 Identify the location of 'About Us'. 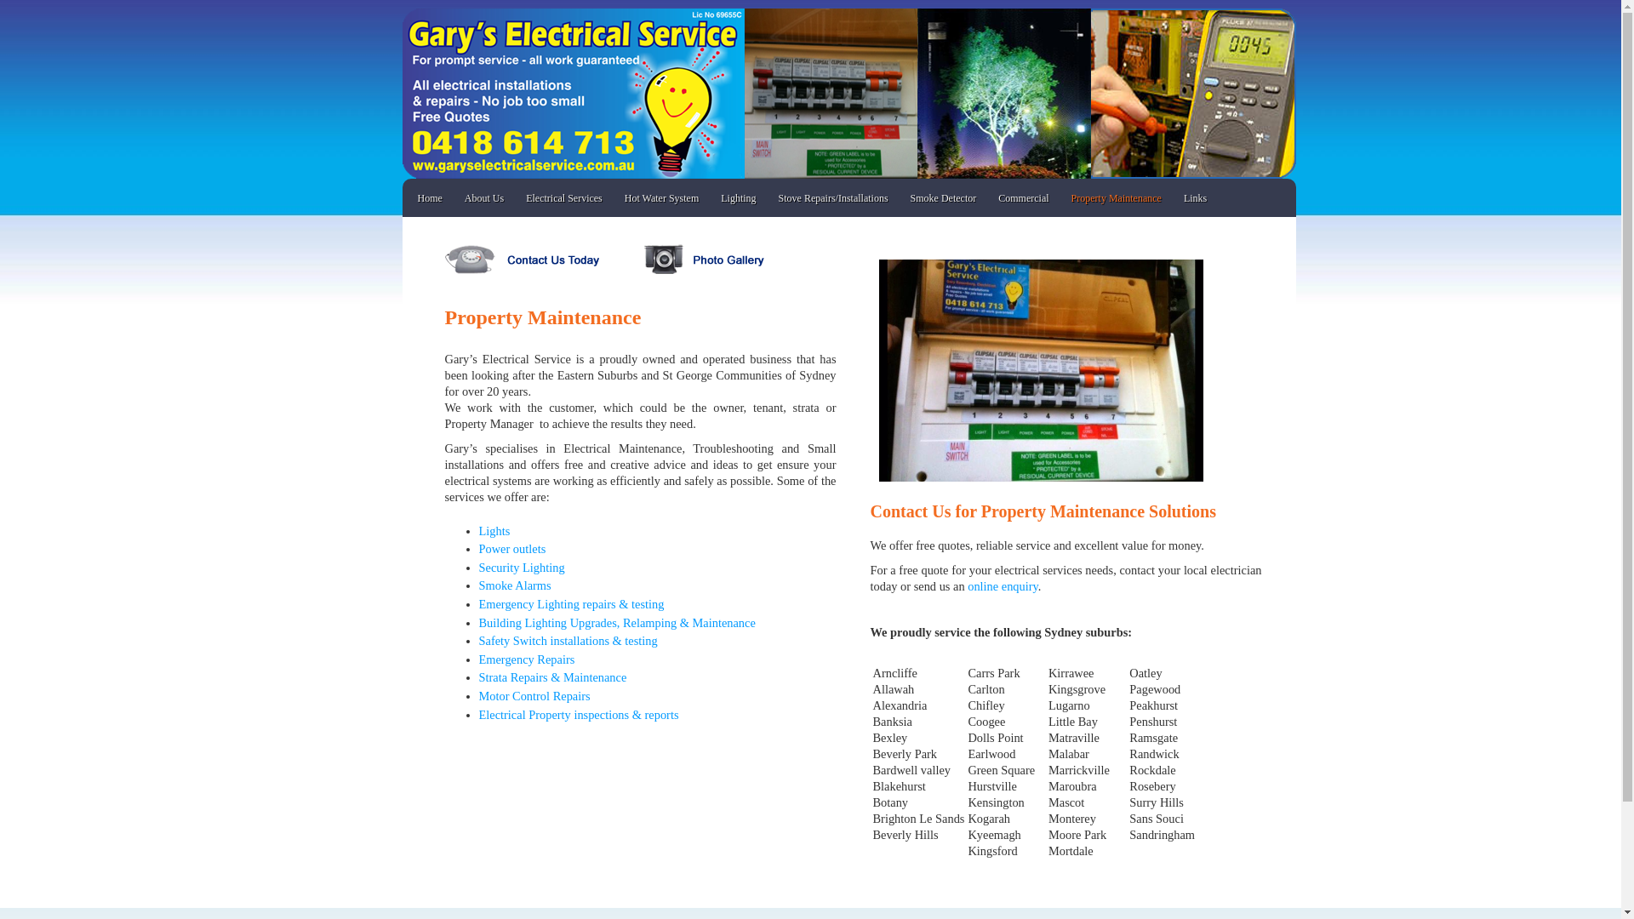
(483, 197).